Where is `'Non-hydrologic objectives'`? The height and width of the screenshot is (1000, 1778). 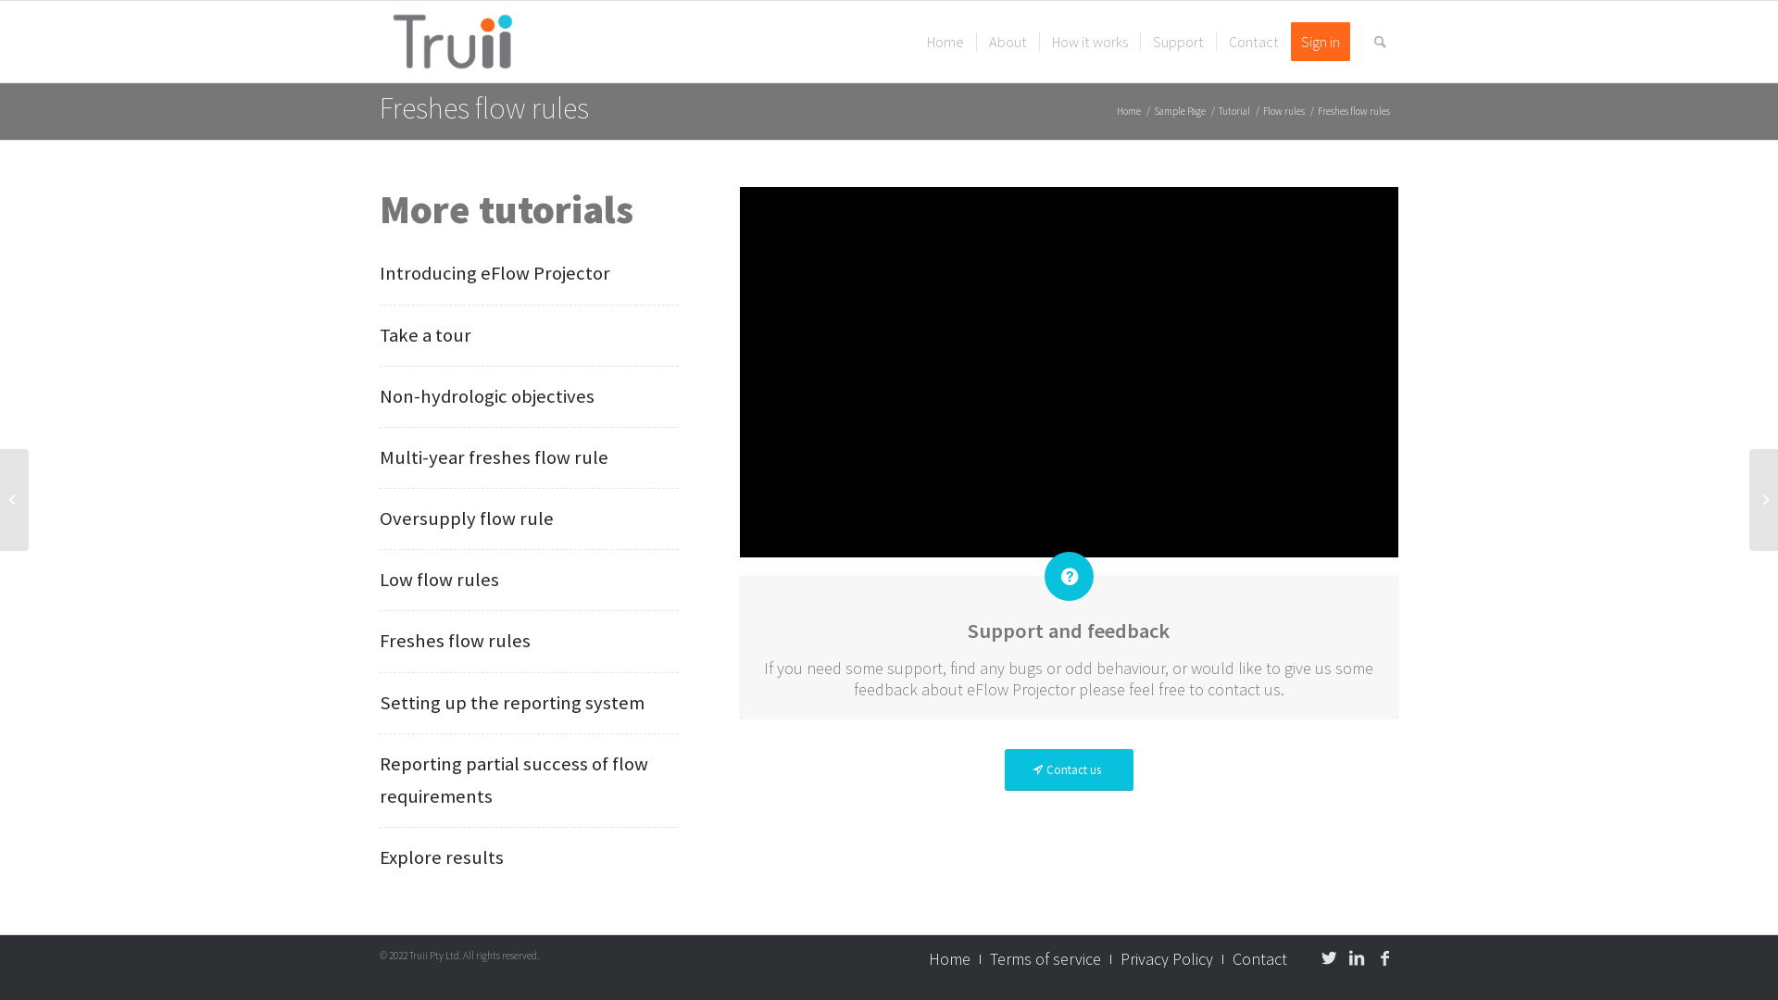 'Non-hydrologic objectives' is located at coordinates (487, 395).